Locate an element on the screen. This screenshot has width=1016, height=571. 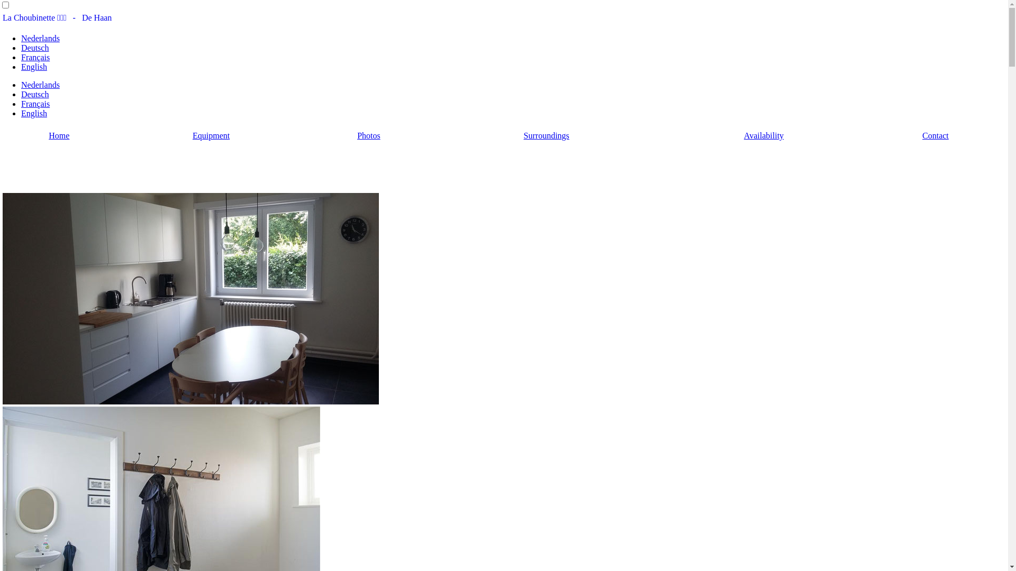
'Home' is located at coordinates (58, 135).